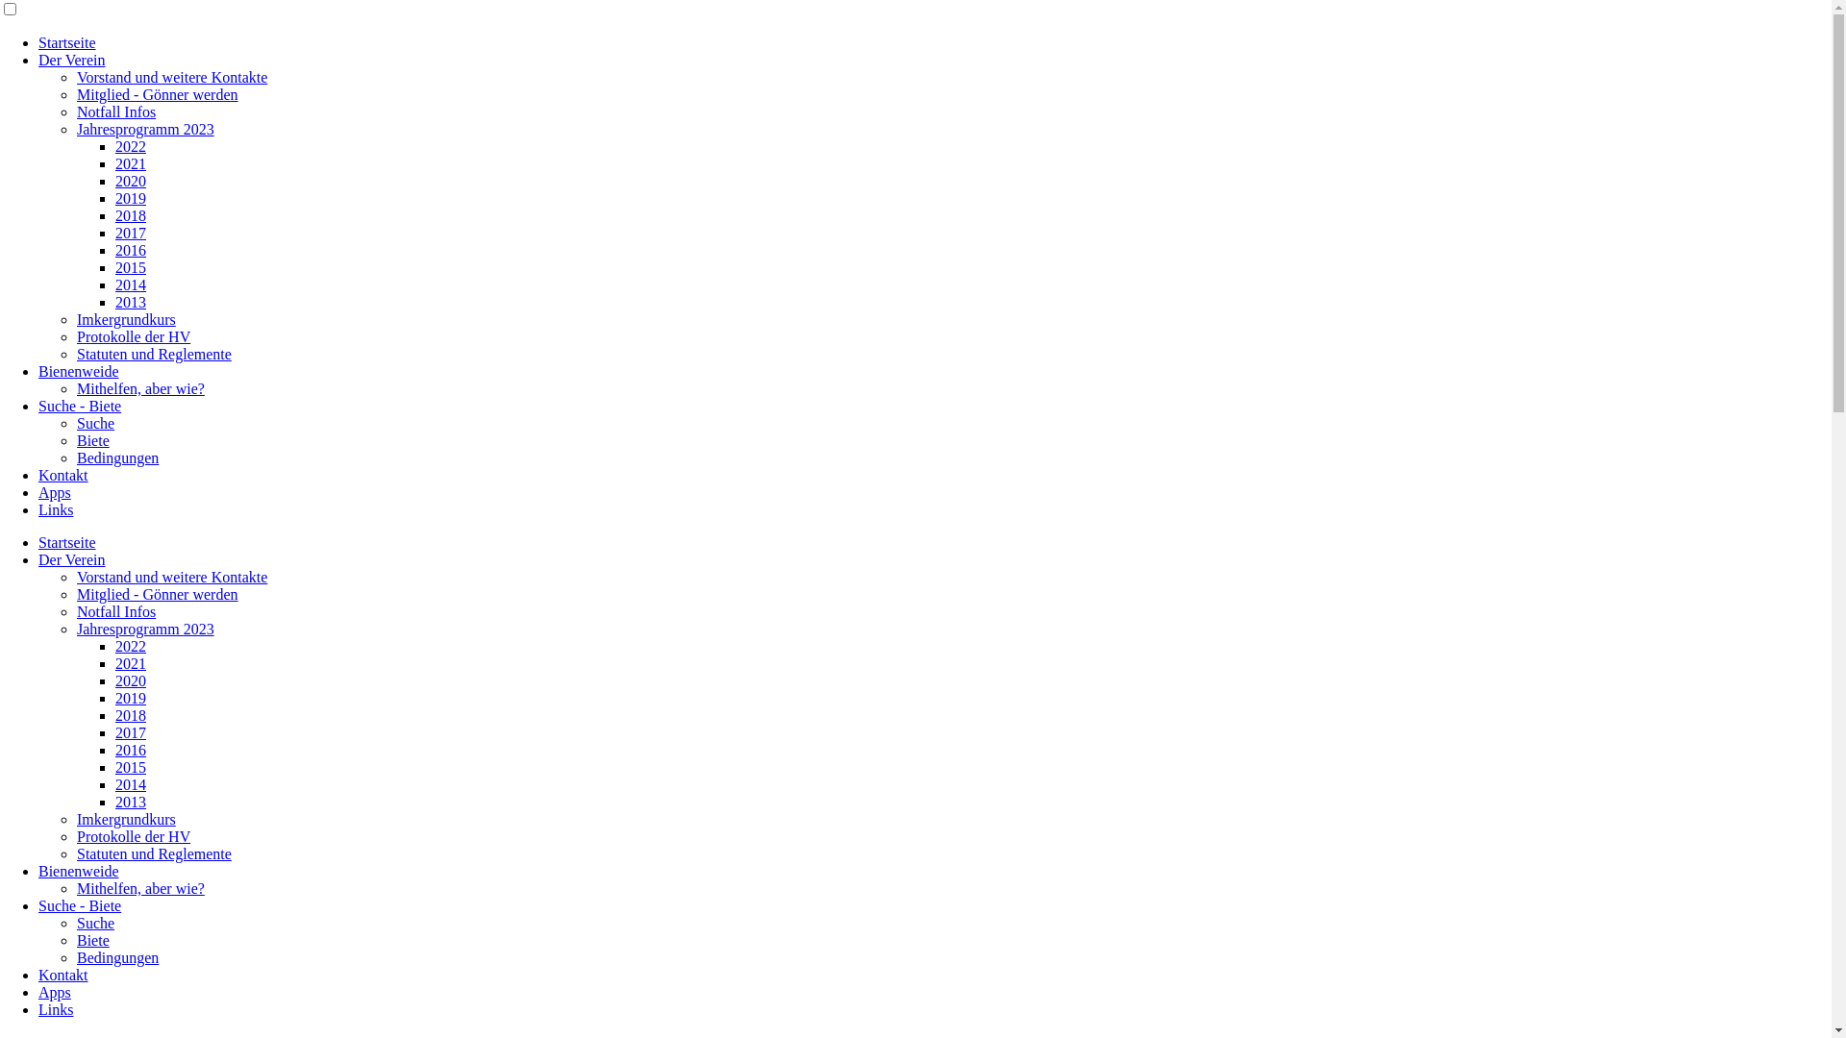 The image size is (1846, 1038). I want to click on '2020', so click(129, 181).